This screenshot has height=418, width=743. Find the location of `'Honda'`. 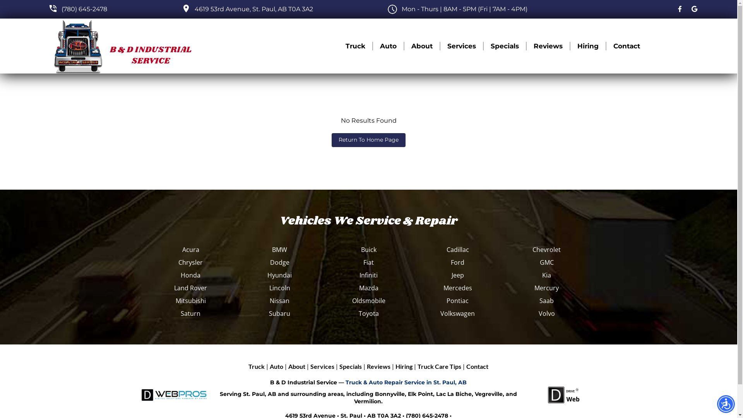

'Honda' is located at coordinates (191, 274).